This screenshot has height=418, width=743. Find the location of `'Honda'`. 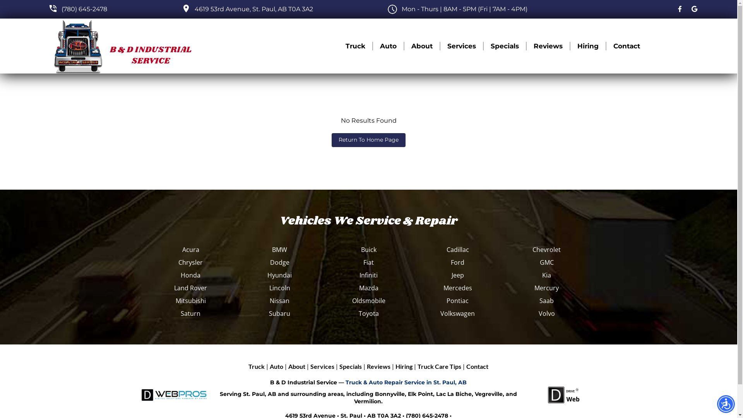

'Honda' is located at coordinates (191, 274).